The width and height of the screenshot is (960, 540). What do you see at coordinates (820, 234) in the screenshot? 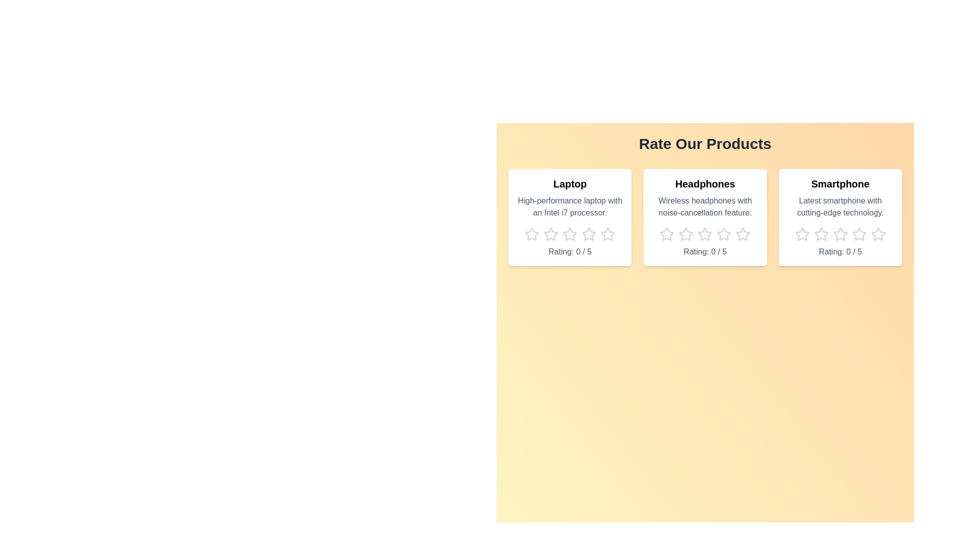
I see `the star icon corresponding to 2 stars for the product Smartphone` at bounding box center [820, 234].